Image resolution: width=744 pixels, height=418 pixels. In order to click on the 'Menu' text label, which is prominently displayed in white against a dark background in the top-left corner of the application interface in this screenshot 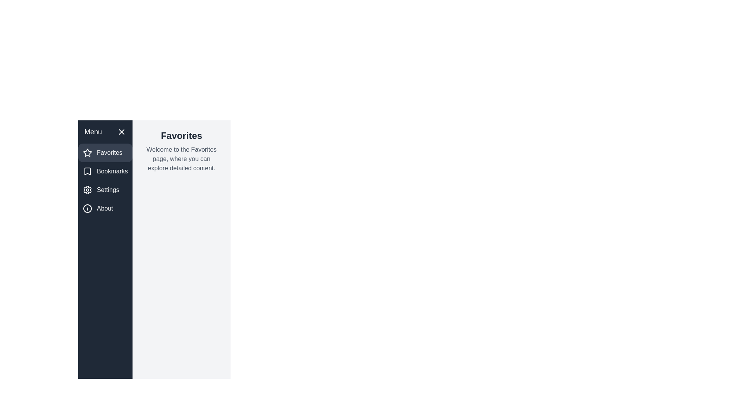, I will do `click(93, 131)`.